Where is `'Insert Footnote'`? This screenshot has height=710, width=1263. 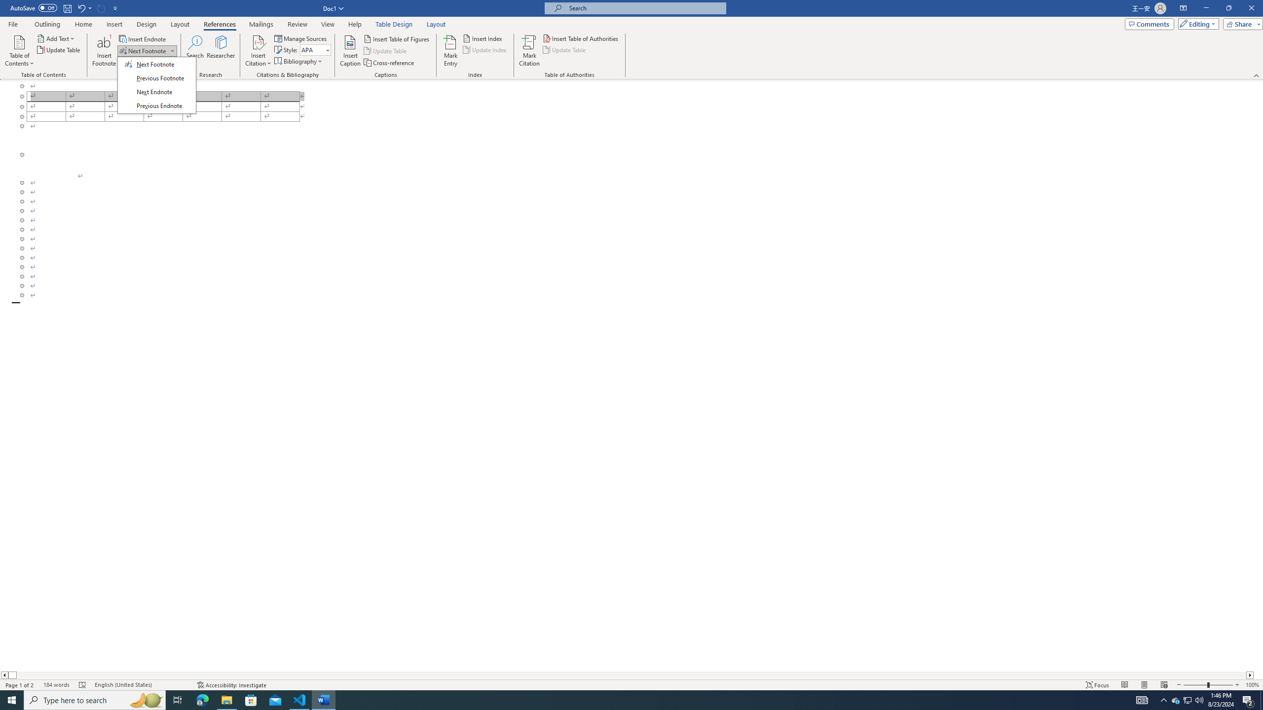 'Insert Footnote' is located at coordinates (104, 51).